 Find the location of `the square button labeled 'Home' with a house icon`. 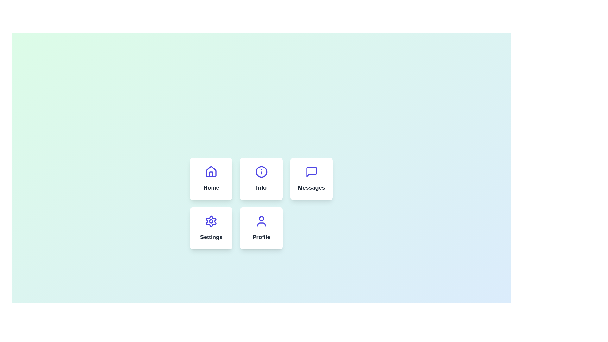

the square button labeled 'Home' with a house icon is located at coordinates (211, 179).